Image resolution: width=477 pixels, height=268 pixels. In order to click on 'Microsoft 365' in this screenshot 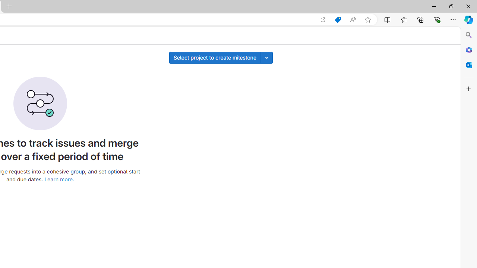, I will do `click(468, 50)`.